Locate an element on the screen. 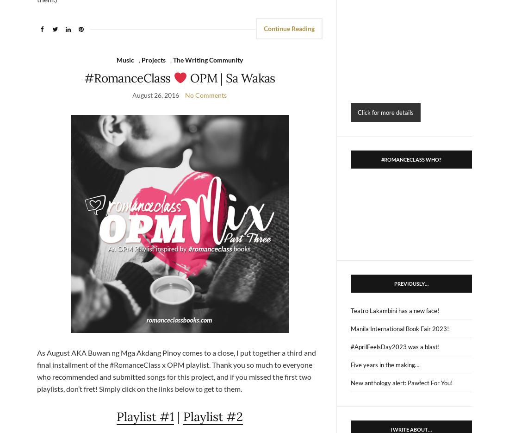 This screenshot has width=509, height=433. 'Playlist #1' is located at coordinates (144, 416).